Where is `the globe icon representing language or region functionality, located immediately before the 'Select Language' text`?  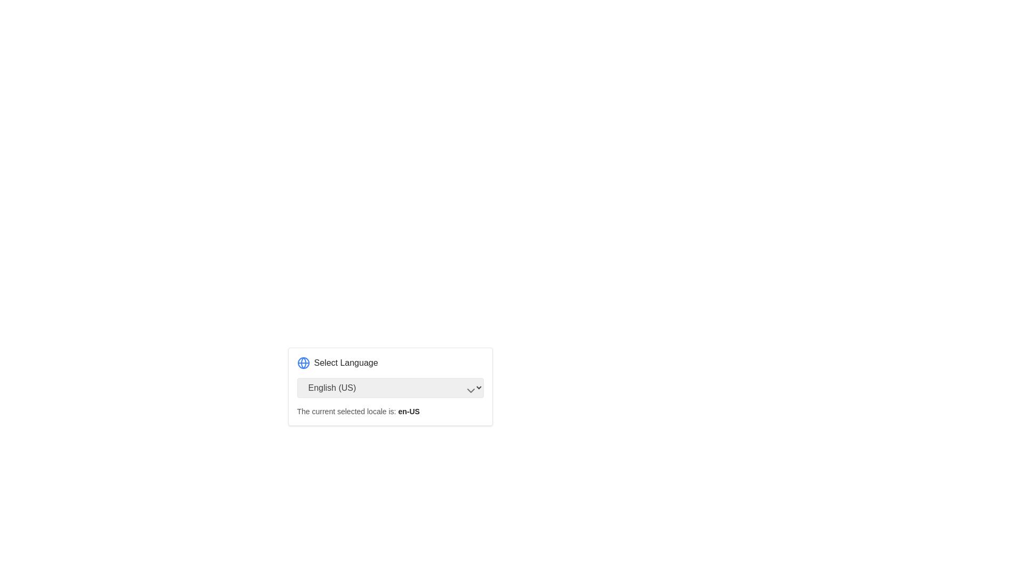
the globe icon representing language or region functionality, located immediately before the 'Select Language' text is located at coordinates (303, 363).